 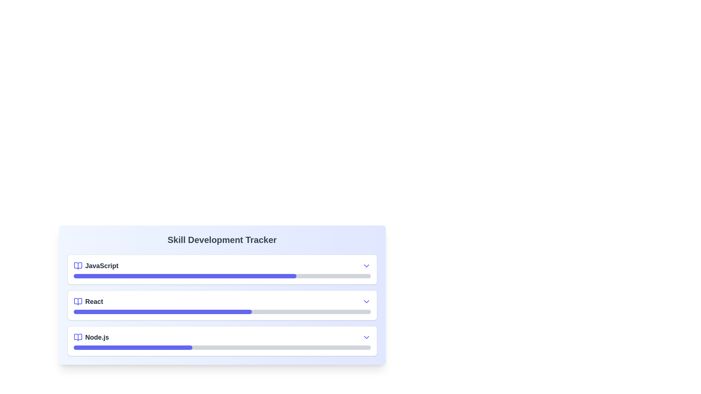 What do you see at coordinates (180, 347) in the screenshot?
I see `the progress bar` at bounding box center [180, 347].